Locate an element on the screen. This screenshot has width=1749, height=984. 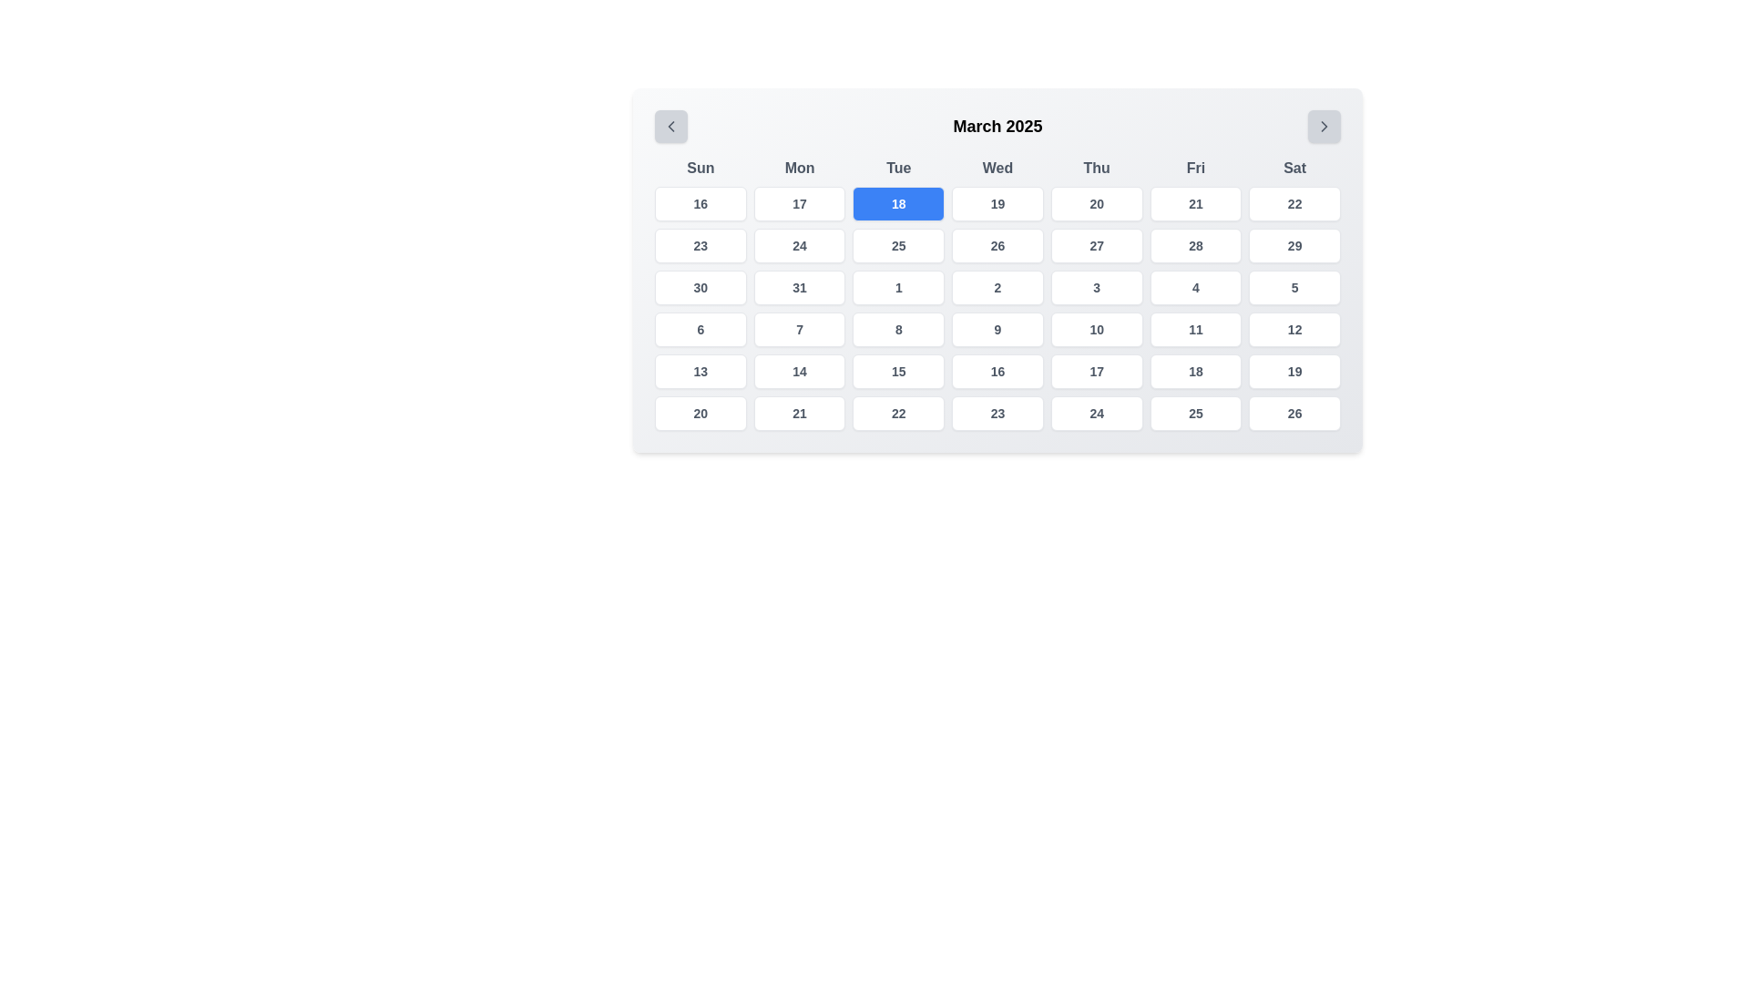
the date cell located in the fifth column of the fourth row of the calendar is located at coordinates (1096, 287).